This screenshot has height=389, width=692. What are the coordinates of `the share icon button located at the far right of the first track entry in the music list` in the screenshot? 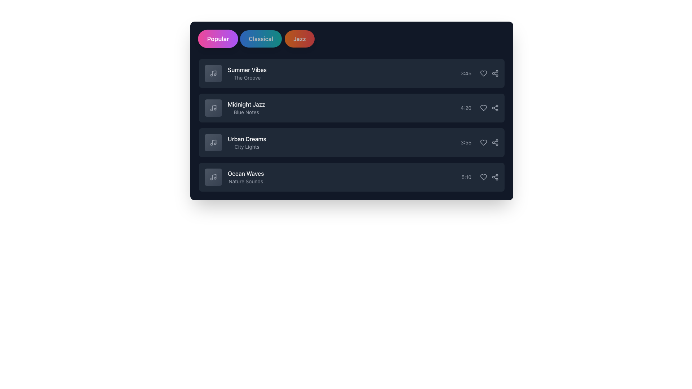 It's located at (494, 73).